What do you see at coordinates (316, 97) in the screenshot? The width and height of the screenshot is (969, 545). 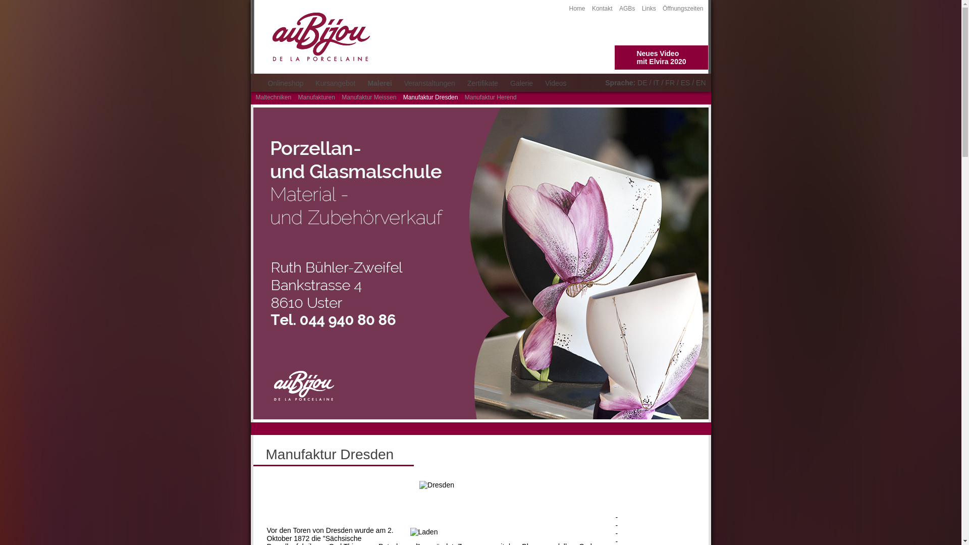 I see `'Manufakturen'` at bounding box center [316, 97].